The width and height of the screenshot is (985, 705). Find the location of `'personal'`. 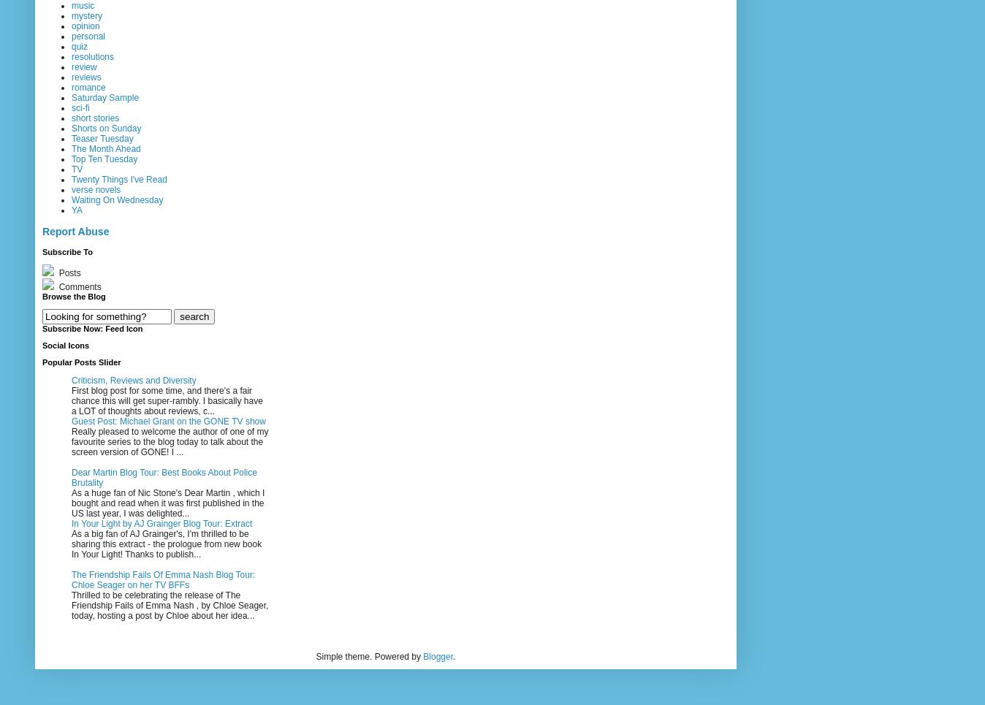

'personal' is located at coordinates (88, 36).